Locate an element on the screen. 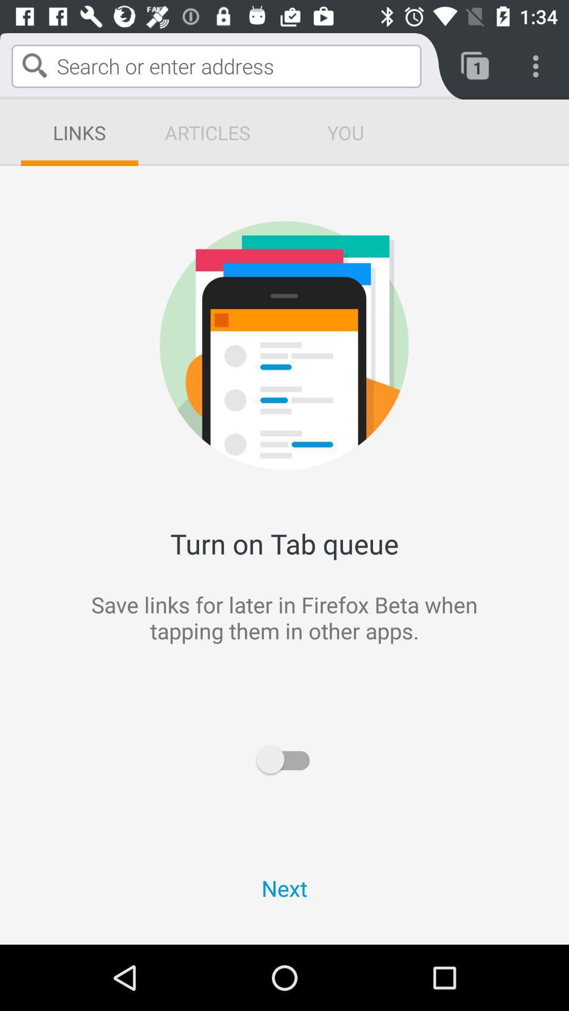 Image resolution: width=569 pixels, height=1011 pixels. the text below turn on tab queue is located at coordinates (421, 660).